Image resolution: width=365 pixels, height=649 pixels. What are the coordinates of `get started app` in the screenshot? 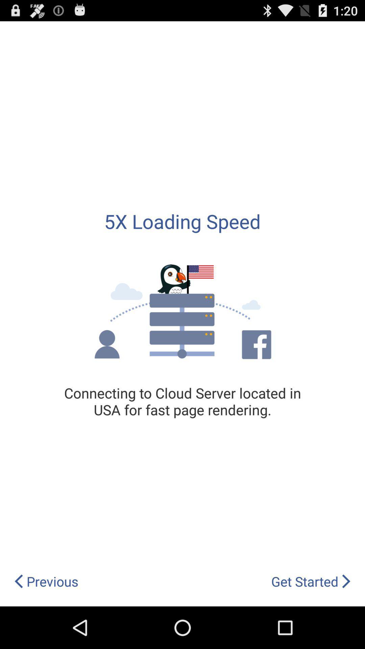 It's located at (311, 581).